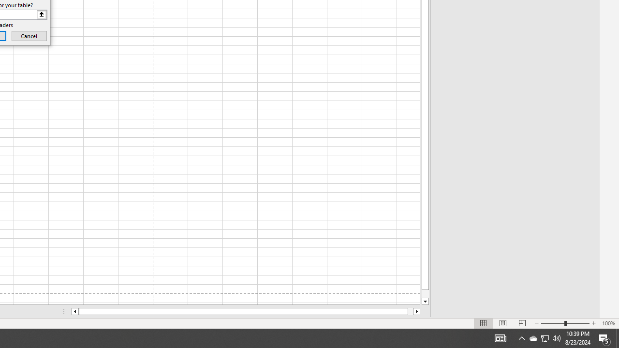 The height and width of the screenshot is (348, 619). I want to click on 'Zoom', so click(565, 323).